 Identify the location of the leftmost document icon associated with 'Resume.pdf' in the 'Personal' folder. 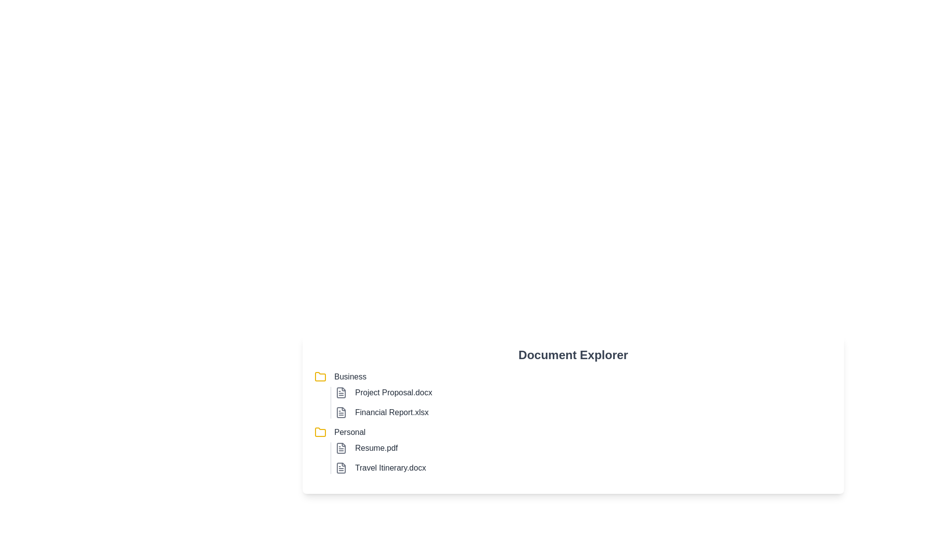
(341, 448).